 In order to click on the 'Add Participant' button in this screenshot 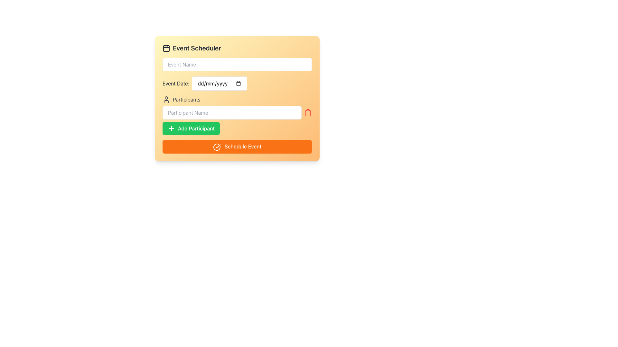, I will do `click(191, 129)`.